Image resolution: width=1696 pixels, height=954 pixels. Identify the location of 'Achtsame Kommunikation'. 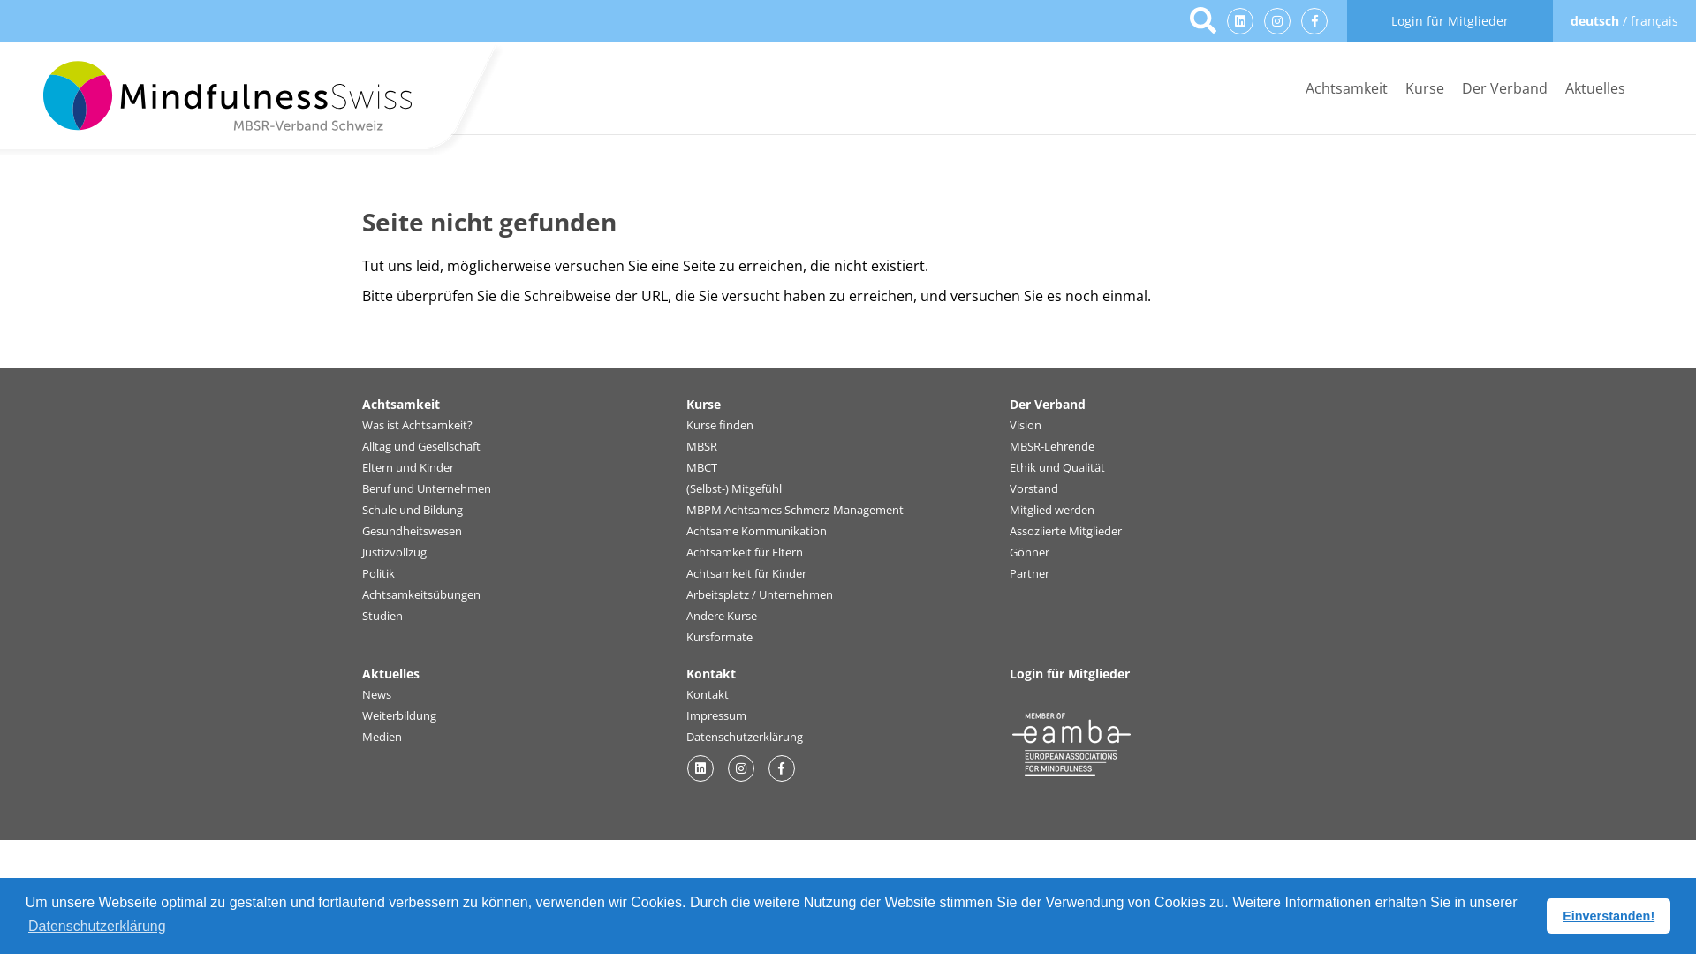
(756, 530).